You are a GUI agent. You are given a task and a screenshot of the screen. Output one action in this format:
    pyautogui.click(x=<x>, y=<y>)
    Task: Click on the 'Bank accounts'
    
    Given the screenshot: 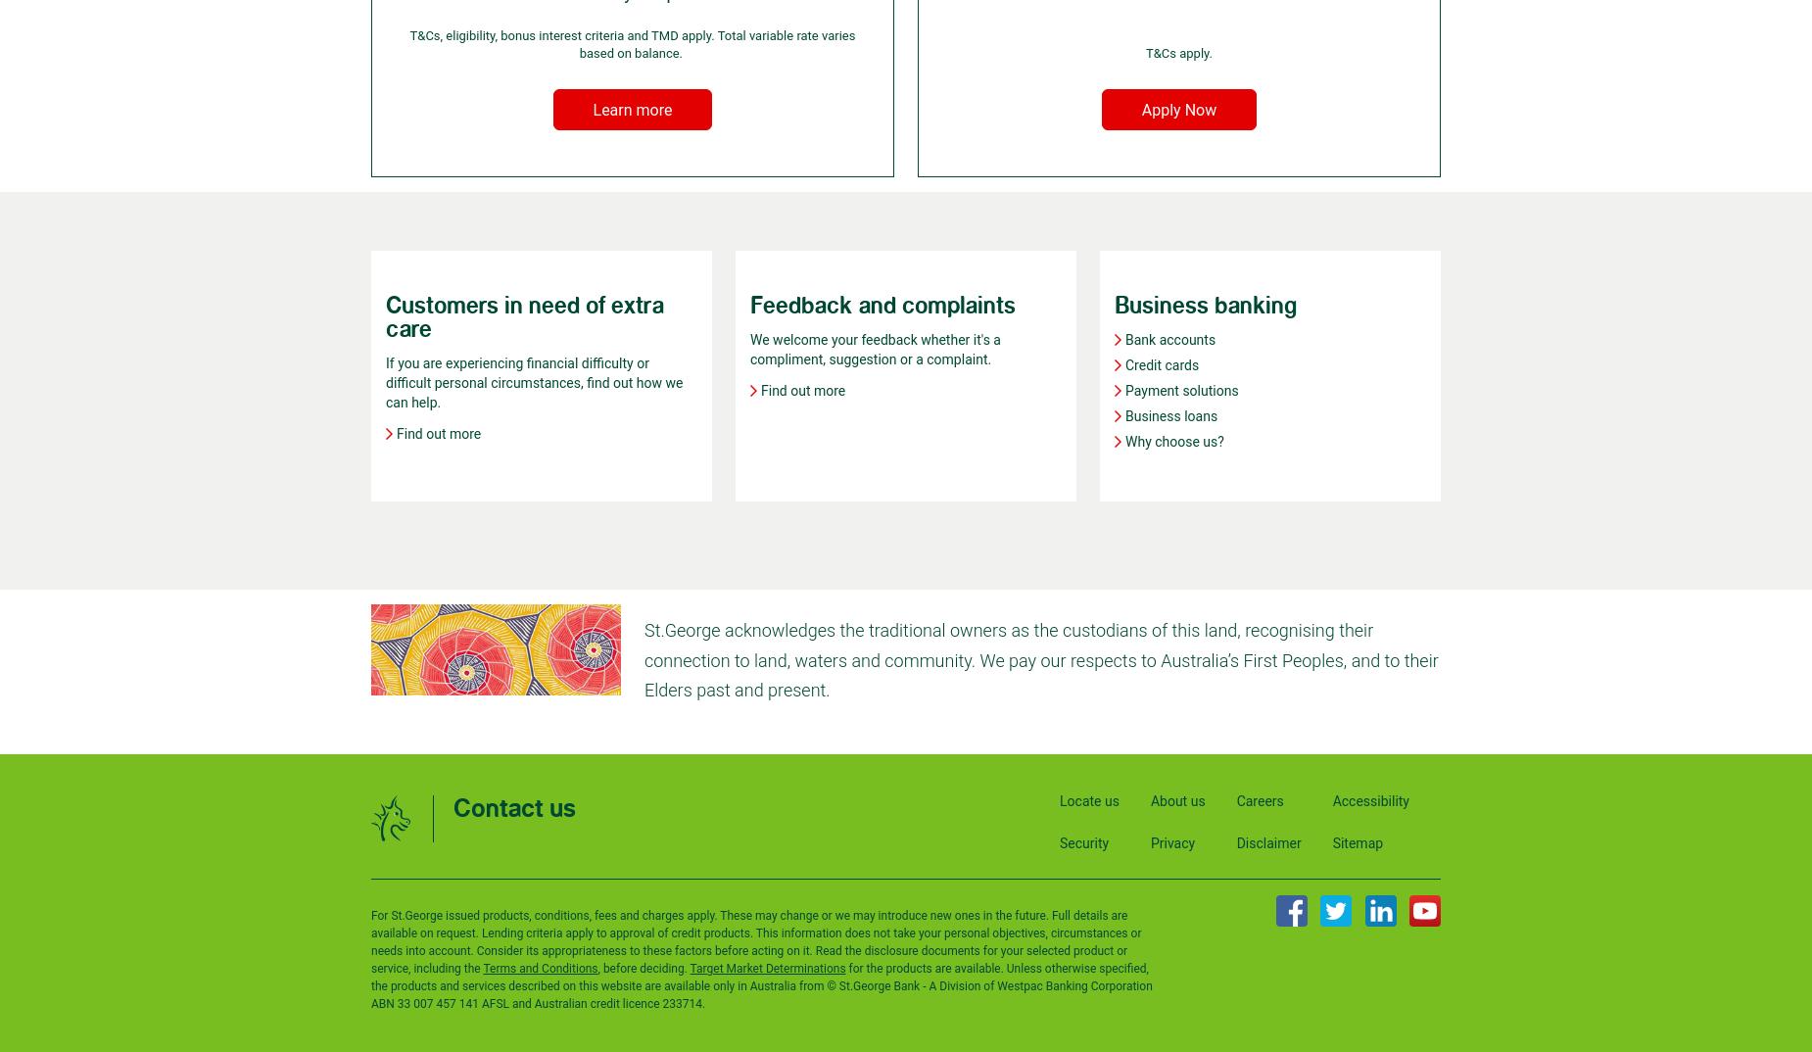 What is the action you would take?
    pyautogui.click(x=1168, y=339)
    